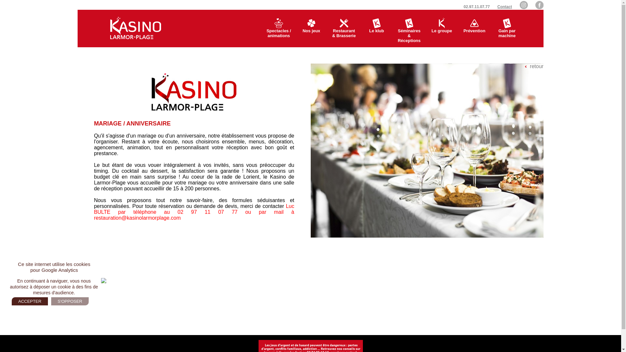 This screenshot has height=352, width=626. I want to click on 'ACCEPTER', so click(29, 301).